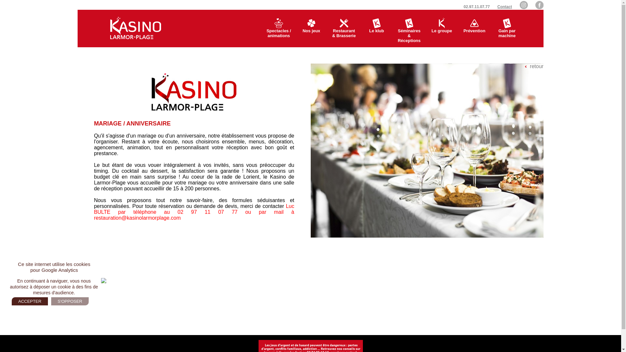 This screenshot has height=352, width=626. I want to click on 'ACCEPTER', so click(29, 301).